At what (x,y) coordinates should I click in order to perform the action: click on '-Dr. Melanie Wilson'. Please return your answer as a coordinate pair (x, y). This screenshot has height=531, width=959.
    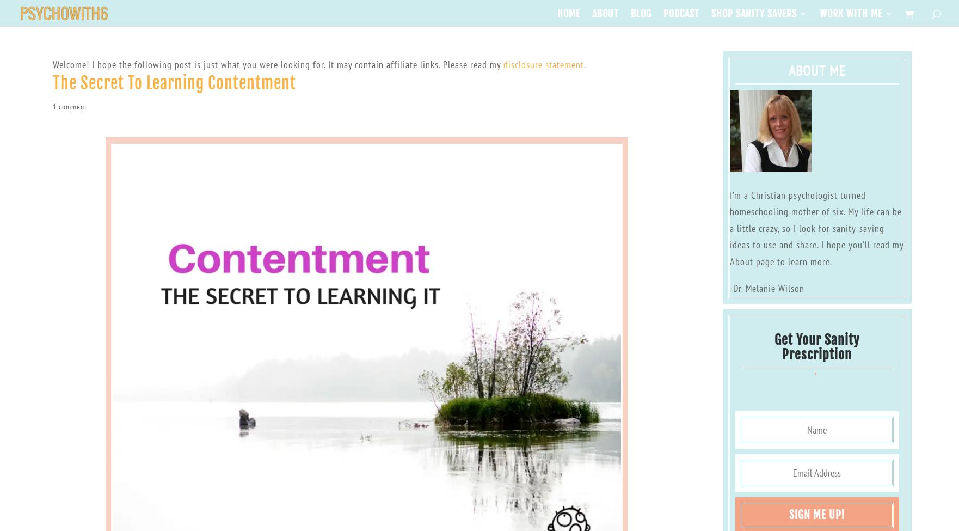
    Looking at the image, I should click on (729, 287).